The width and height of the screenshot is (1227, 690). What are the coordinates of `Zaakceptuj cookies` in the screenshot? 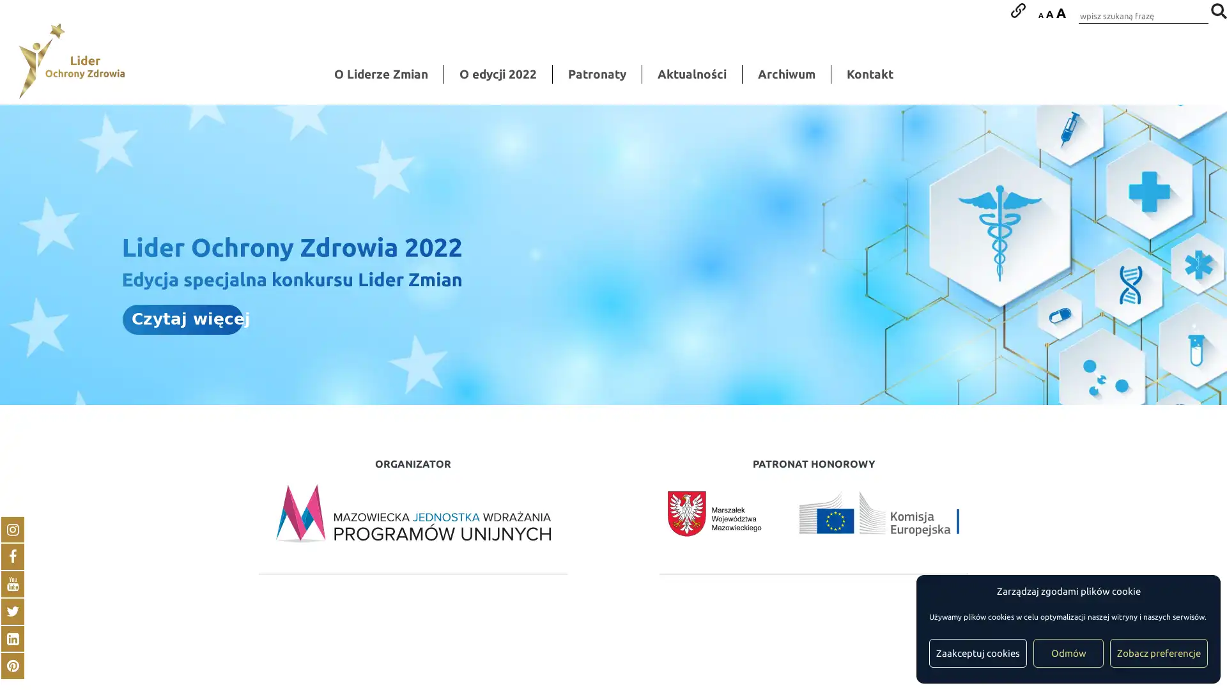 It's located at (977, 653).